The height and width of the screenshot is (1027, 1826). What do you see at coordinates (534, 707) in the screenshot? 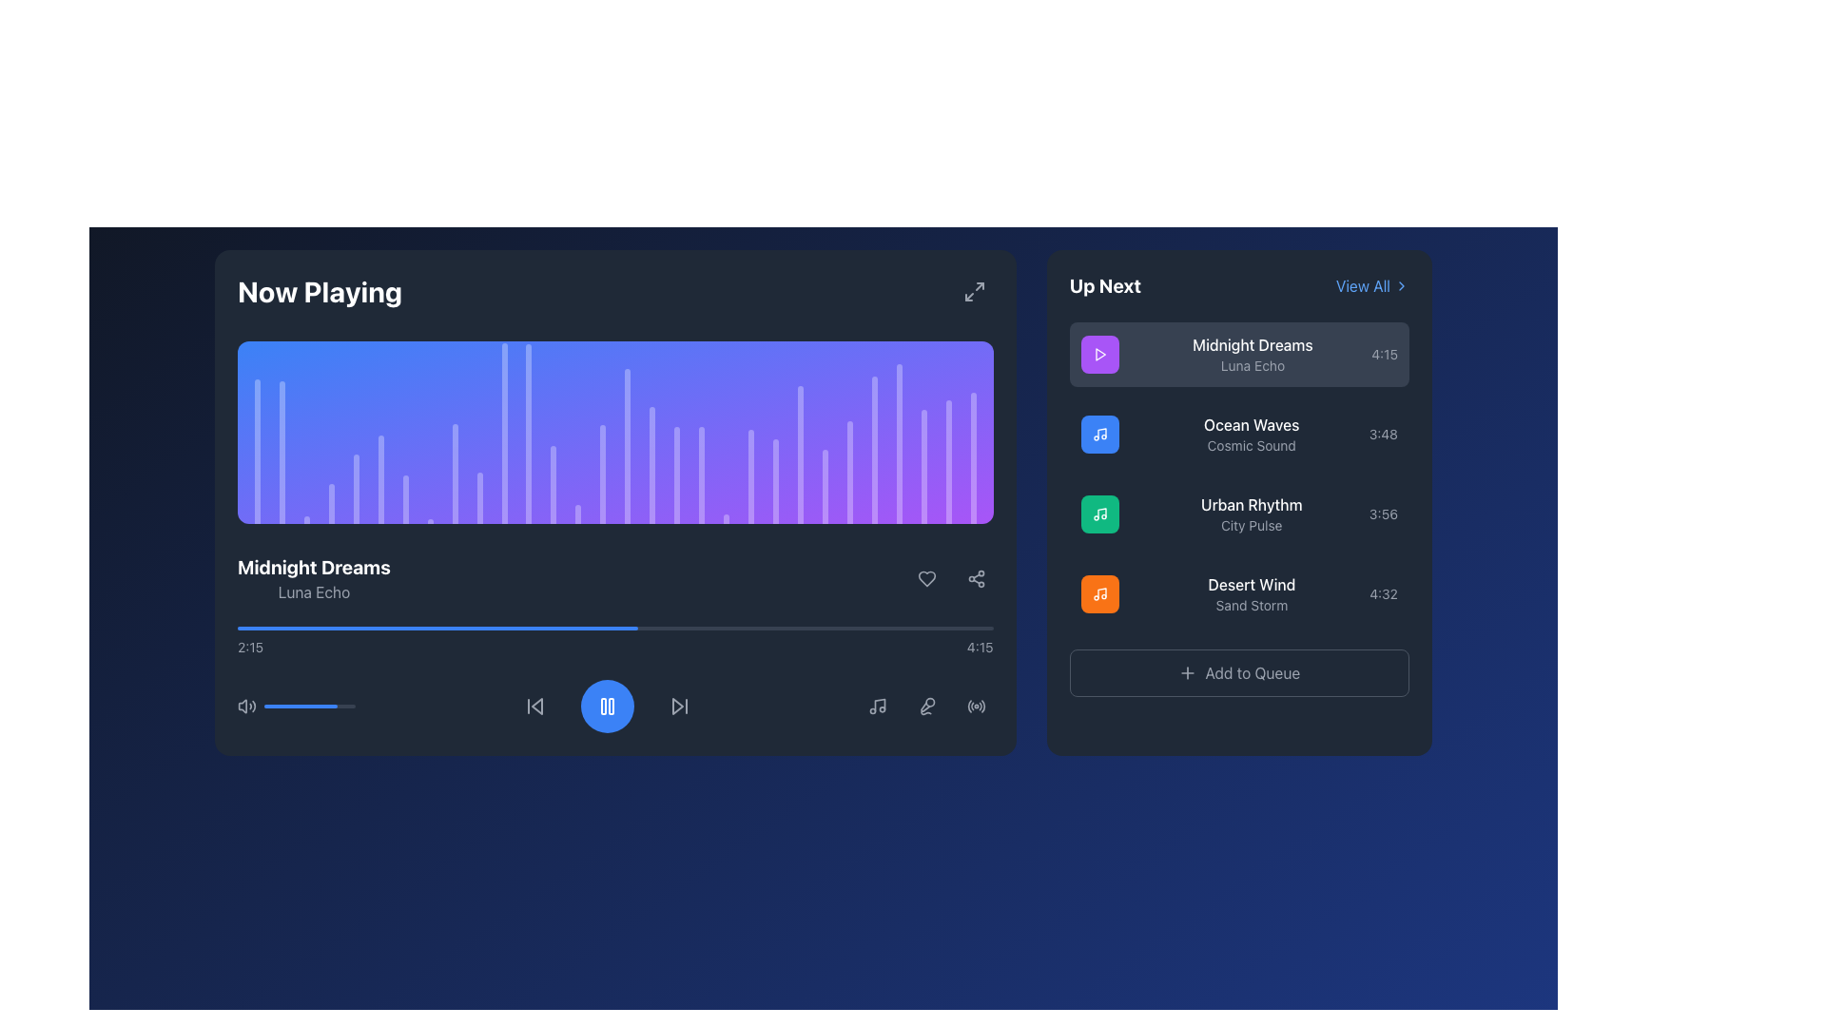
I see `the backward navigation icon, which is a gray triangle with a vertical line on its left, located in the playback controls of the music player` at bounding box center [534, 707].